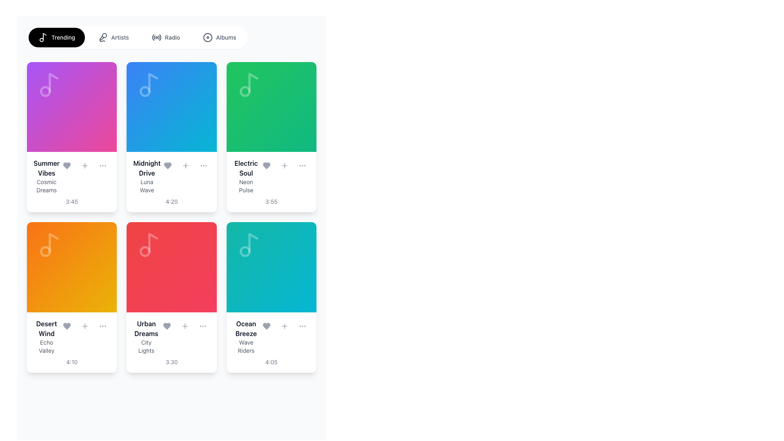  I want to click on the visual representation for the music track 'Urban Dreams', which is the second card in the second row of a grid layout, so click(171, 267).